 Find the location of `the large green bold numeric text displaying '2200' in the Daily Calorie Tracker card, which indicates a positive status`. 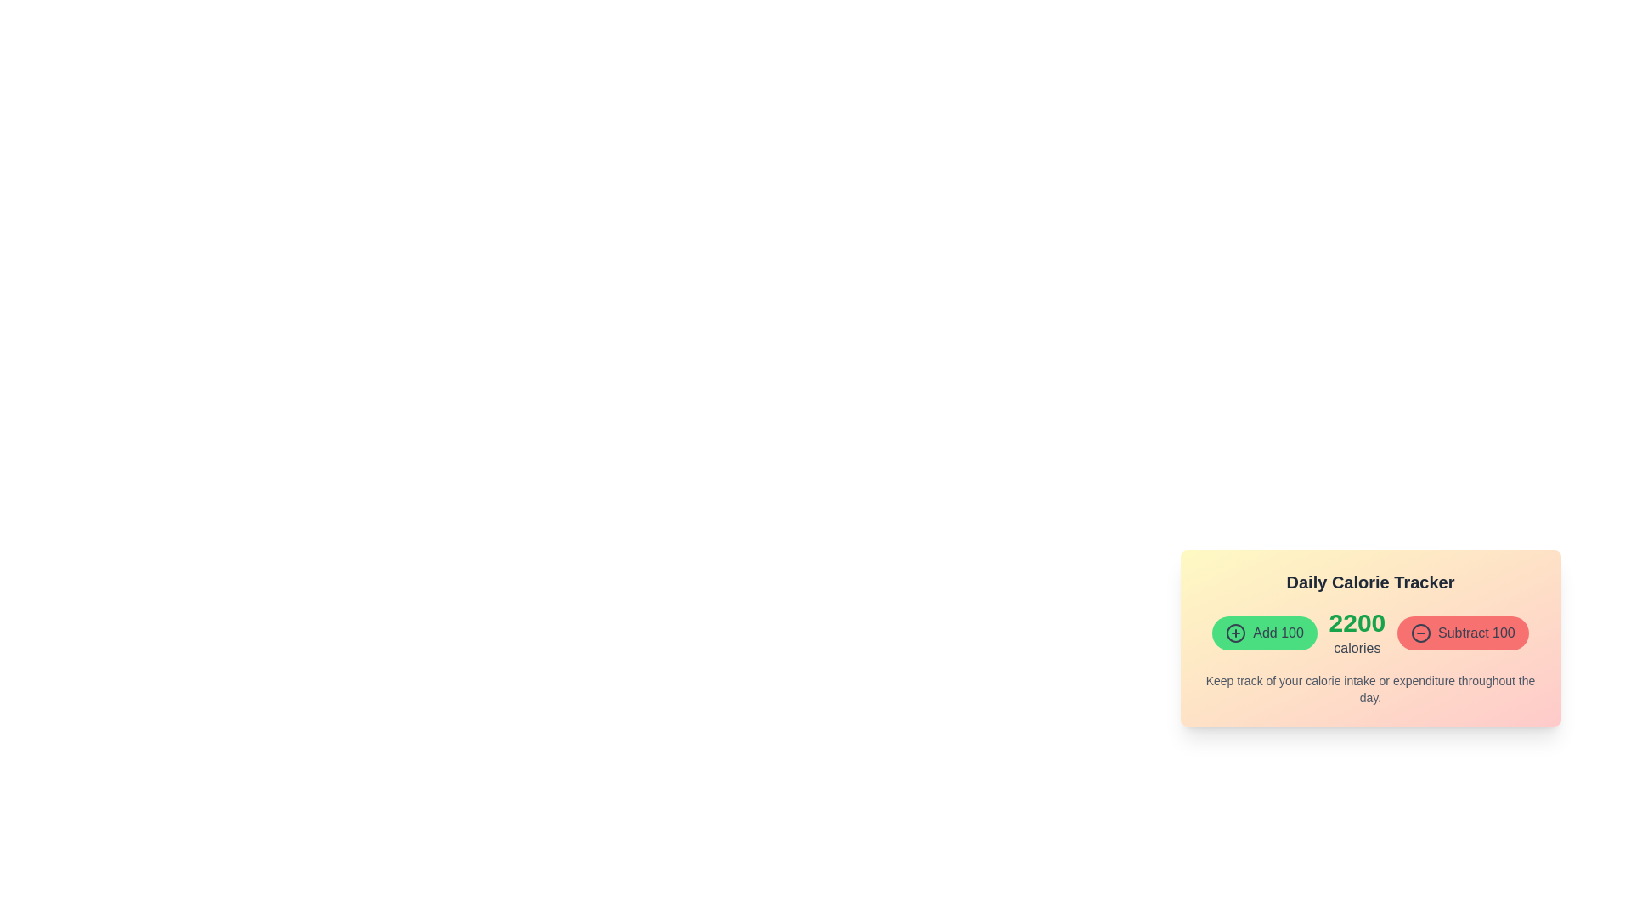

the large green bold numeric text displaying '2200' in the Daily Calorie Tracker card, which indicates a positive status is located at coordinates (1357, 622).